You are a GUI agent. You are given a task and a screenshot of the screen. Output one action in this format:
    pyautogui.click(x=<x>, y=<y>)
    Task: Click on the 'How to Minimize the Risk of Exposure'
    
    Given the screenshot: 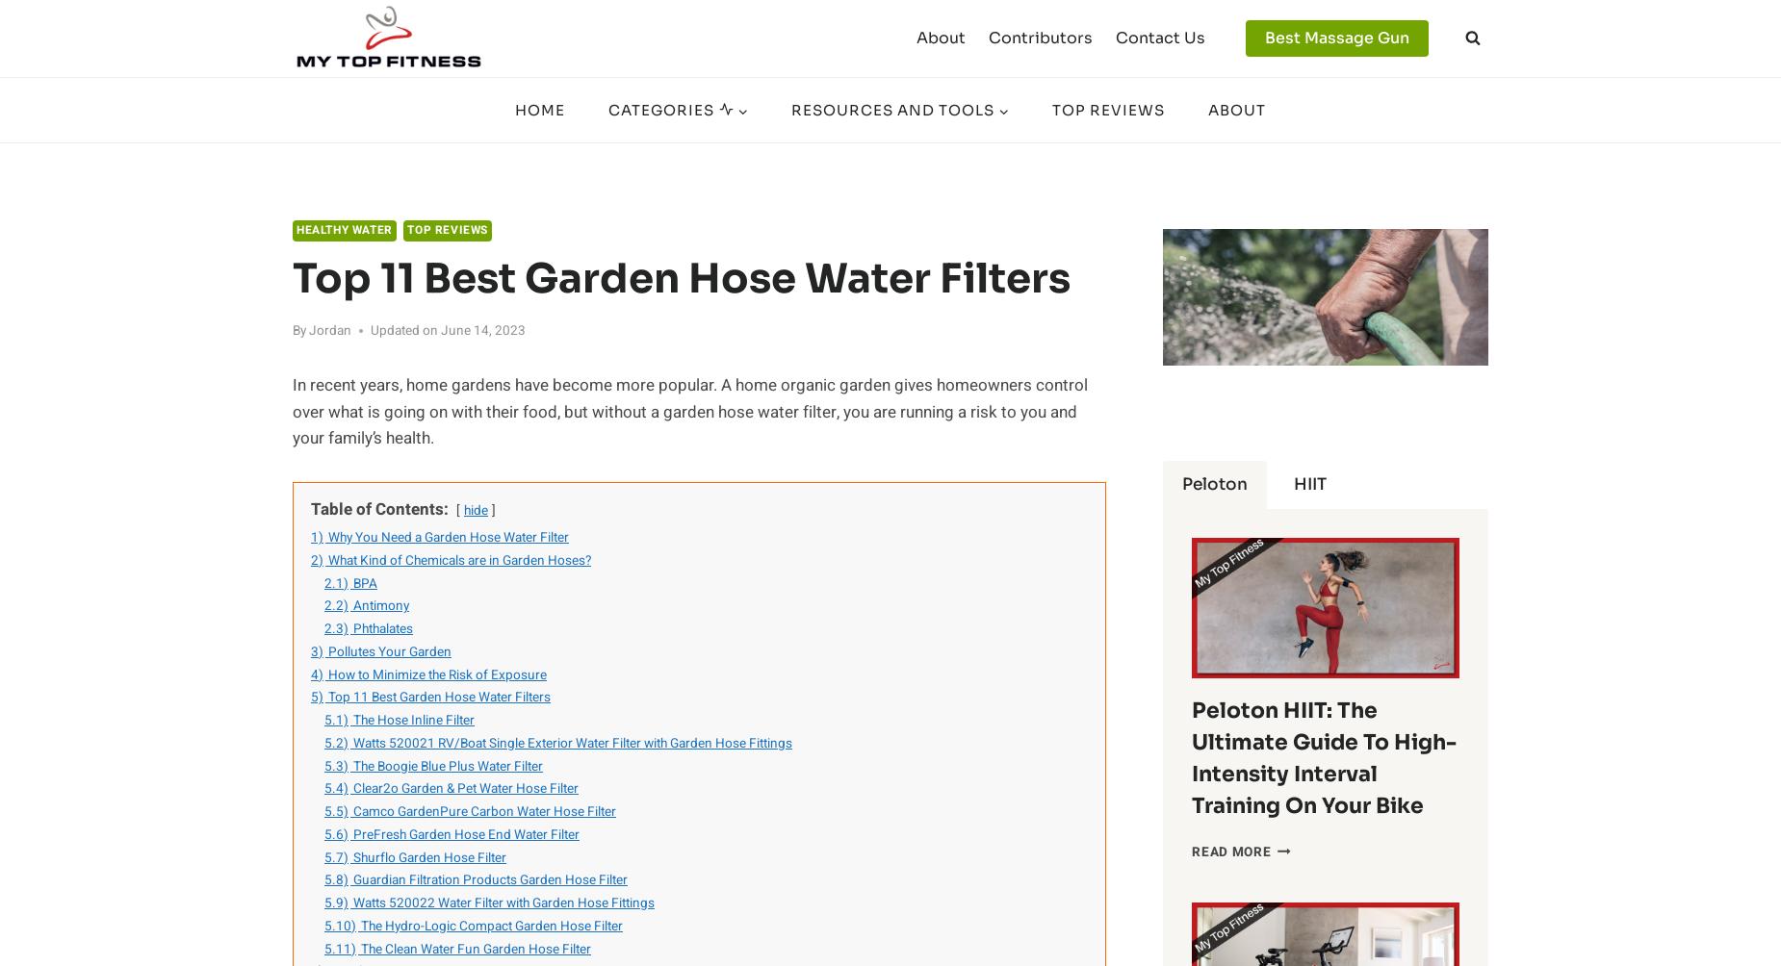 What is the action you would take?
    pyautogui.click(x=326, y=673)
    